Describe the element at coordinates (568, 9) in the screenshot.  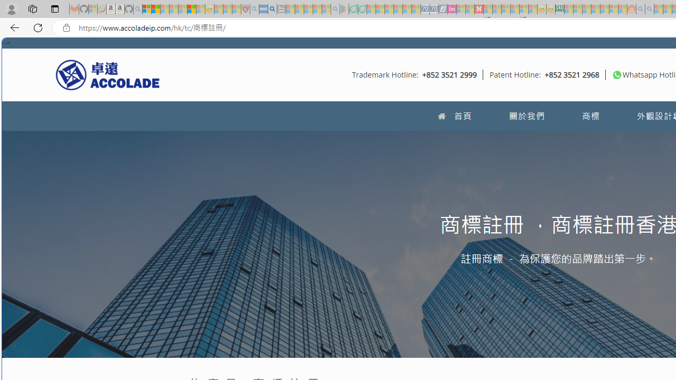
I see `'MSNBC - MSN - Sleeping'` at that location.